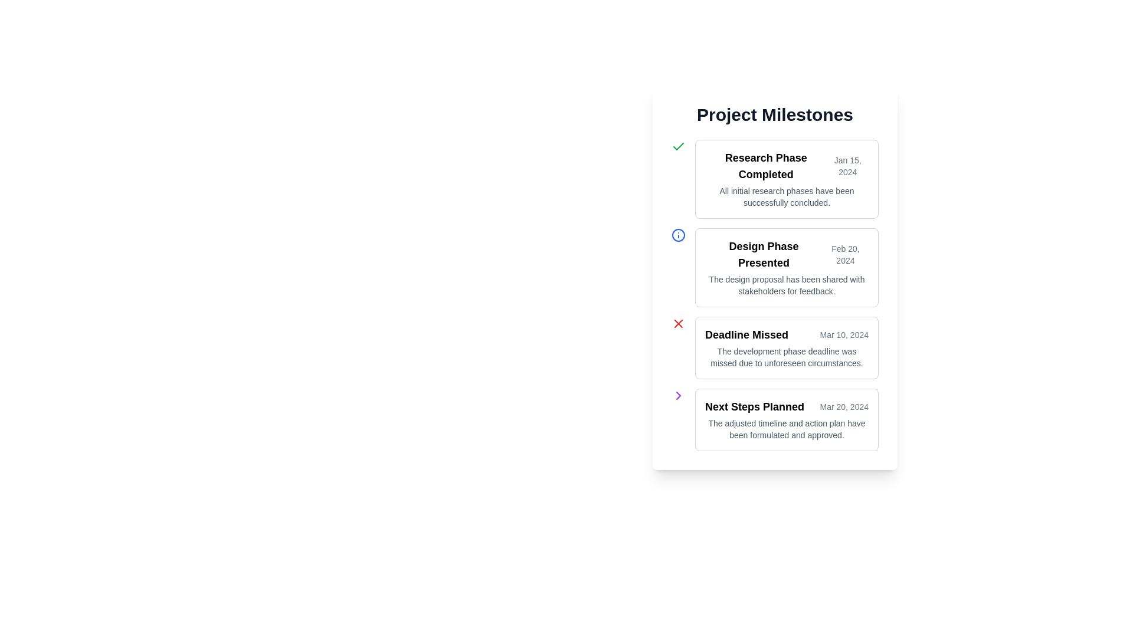 This screenshot has height=637, width=1133. I want to click on text element 'Next Steps Planned' which is styled in bold and located at the top of the fourth milestone in a vertical list, so click(754, 406).